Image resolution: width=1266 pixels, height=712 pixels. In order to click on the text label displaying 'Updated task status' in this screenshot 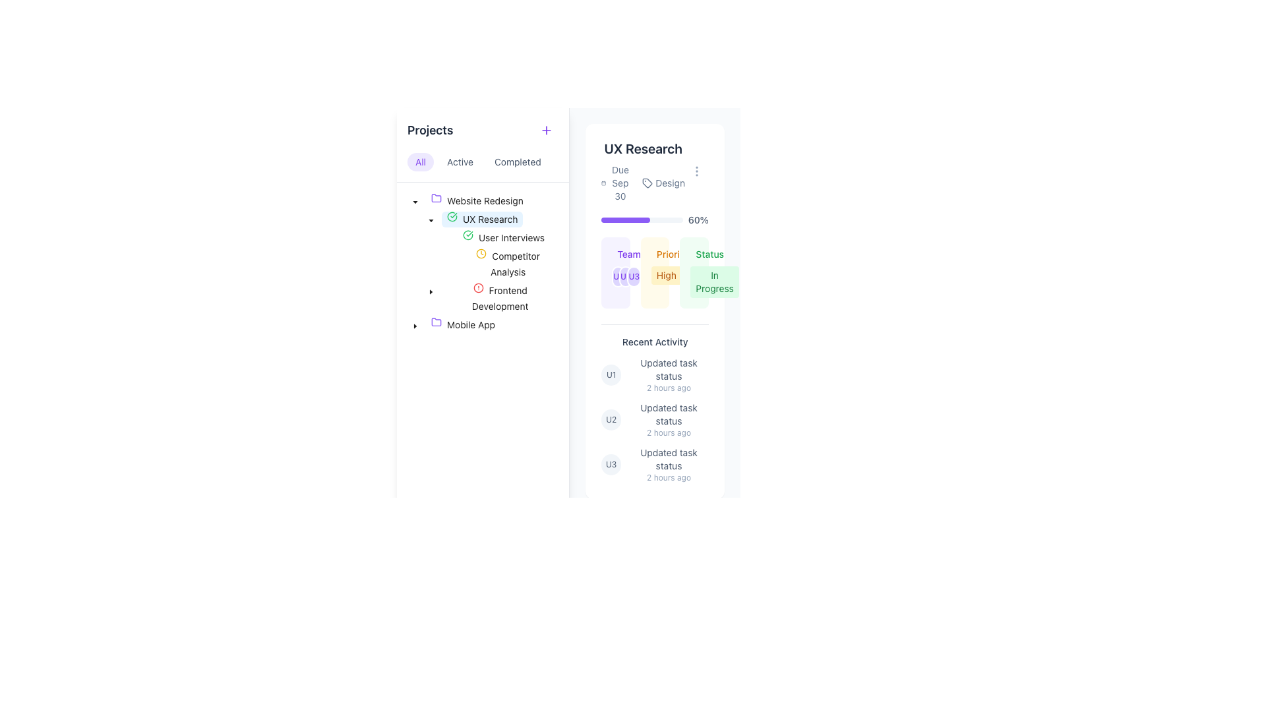, I will do `click(668, 459)`.